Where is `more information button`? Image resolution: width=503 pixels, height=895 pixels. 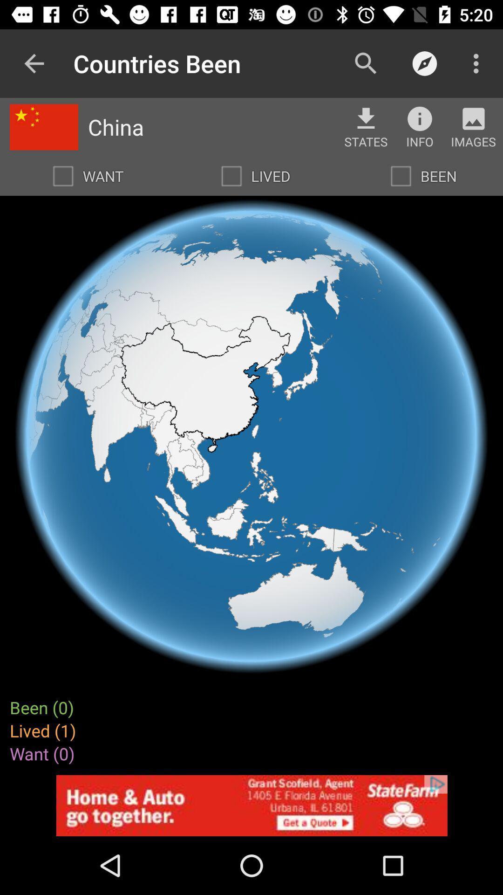
more information button is located at coordinates (420, 118).